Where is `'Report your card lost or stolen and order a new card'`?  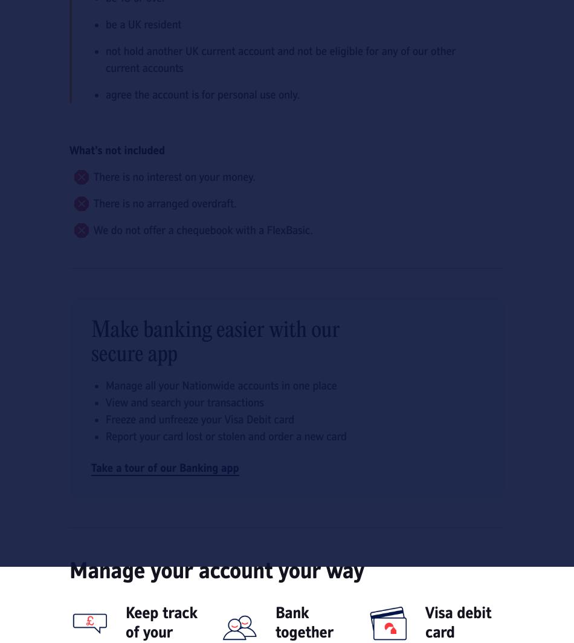
'Report your card lost or stolen and order a new card' is located at coordinates (225, 436).